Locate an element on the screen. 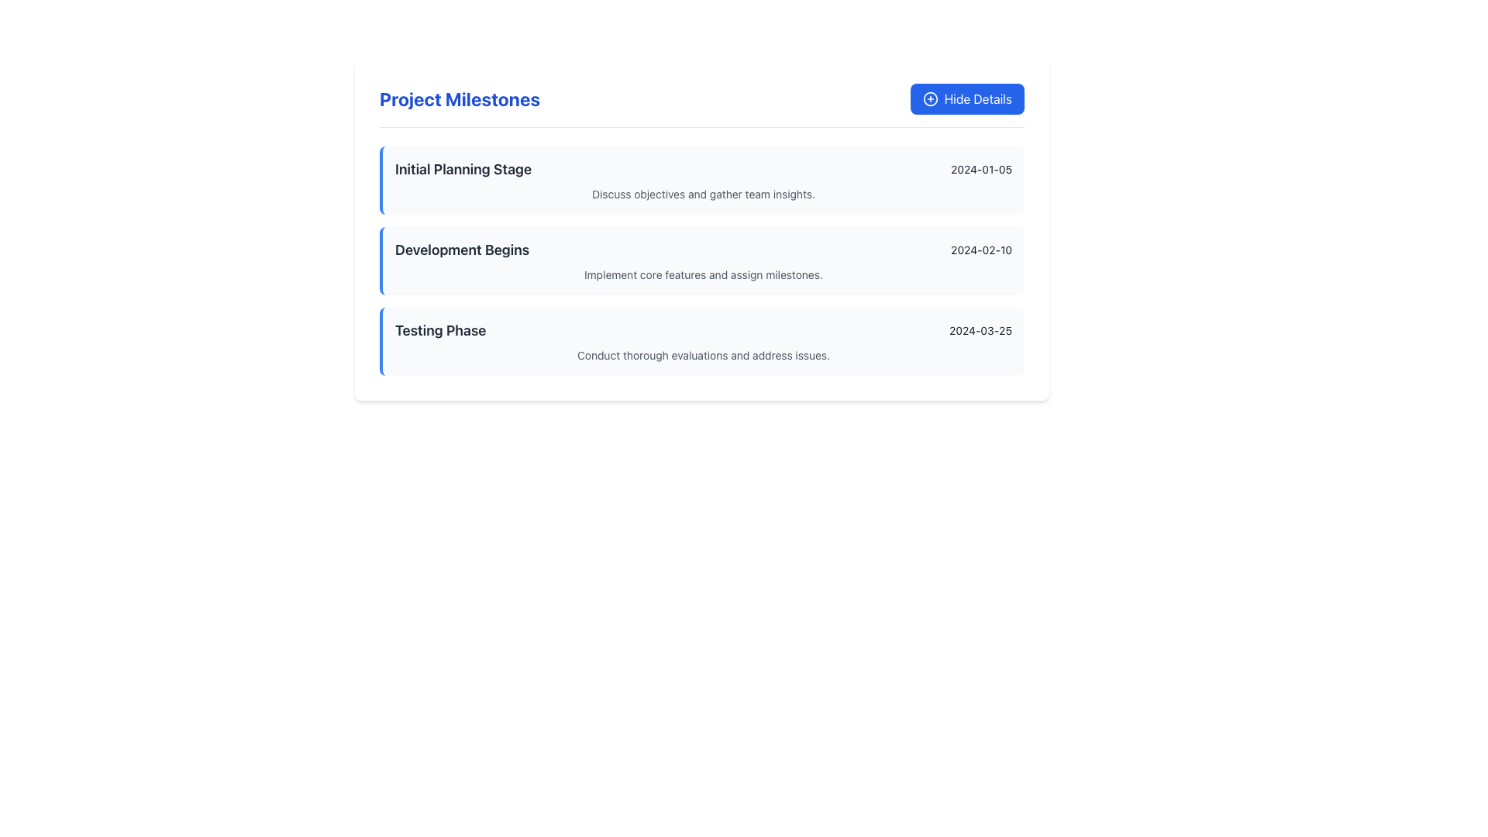 Image resolution: width=1488 pixels, height=837 pixels. the Circular Icon with Plus Sign located to the left of the 'Hide Details' button at the top-right corner of the interface is located at coordinates (930, 98).